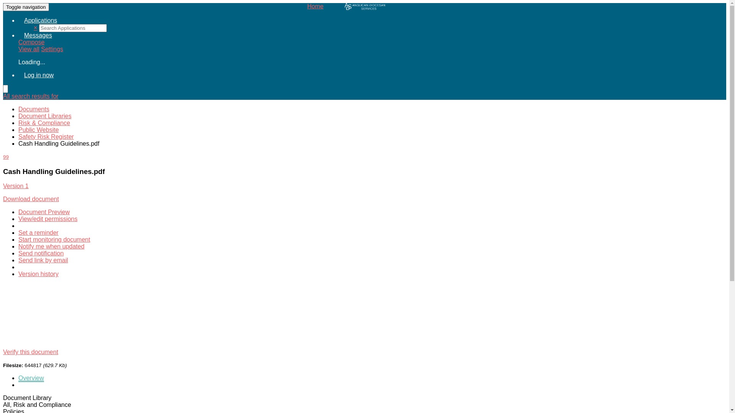 This screenshot has height=413, width=735. Describe the element at coordinates (18, 20) in the screenshot. I see `'Applications'` at that location.